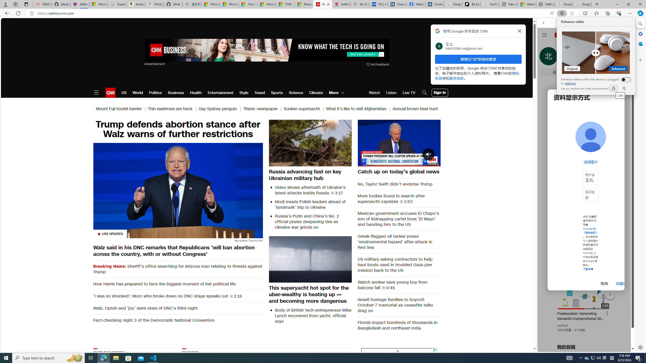 Image resolution: width=646 pixels, height=363 pixels. What do you see at coordinates (359, 4) in the screenshot?
I see `'list of asthma inhalers uk - Search'` at bounding box center [359, 4].